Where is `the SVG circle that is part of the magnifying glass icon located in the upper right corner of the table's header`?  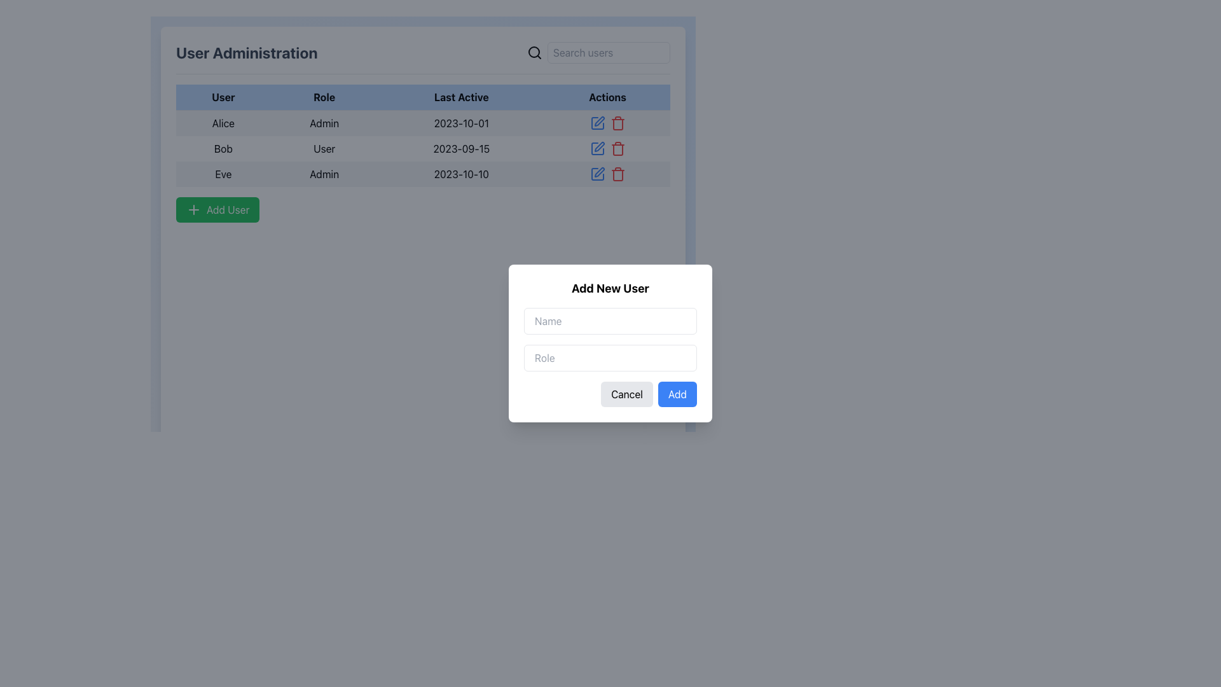 the SVG circle that is part of the magnifying glass icon located in the upper right corner of the table's header is located at coordinates (534, 51).